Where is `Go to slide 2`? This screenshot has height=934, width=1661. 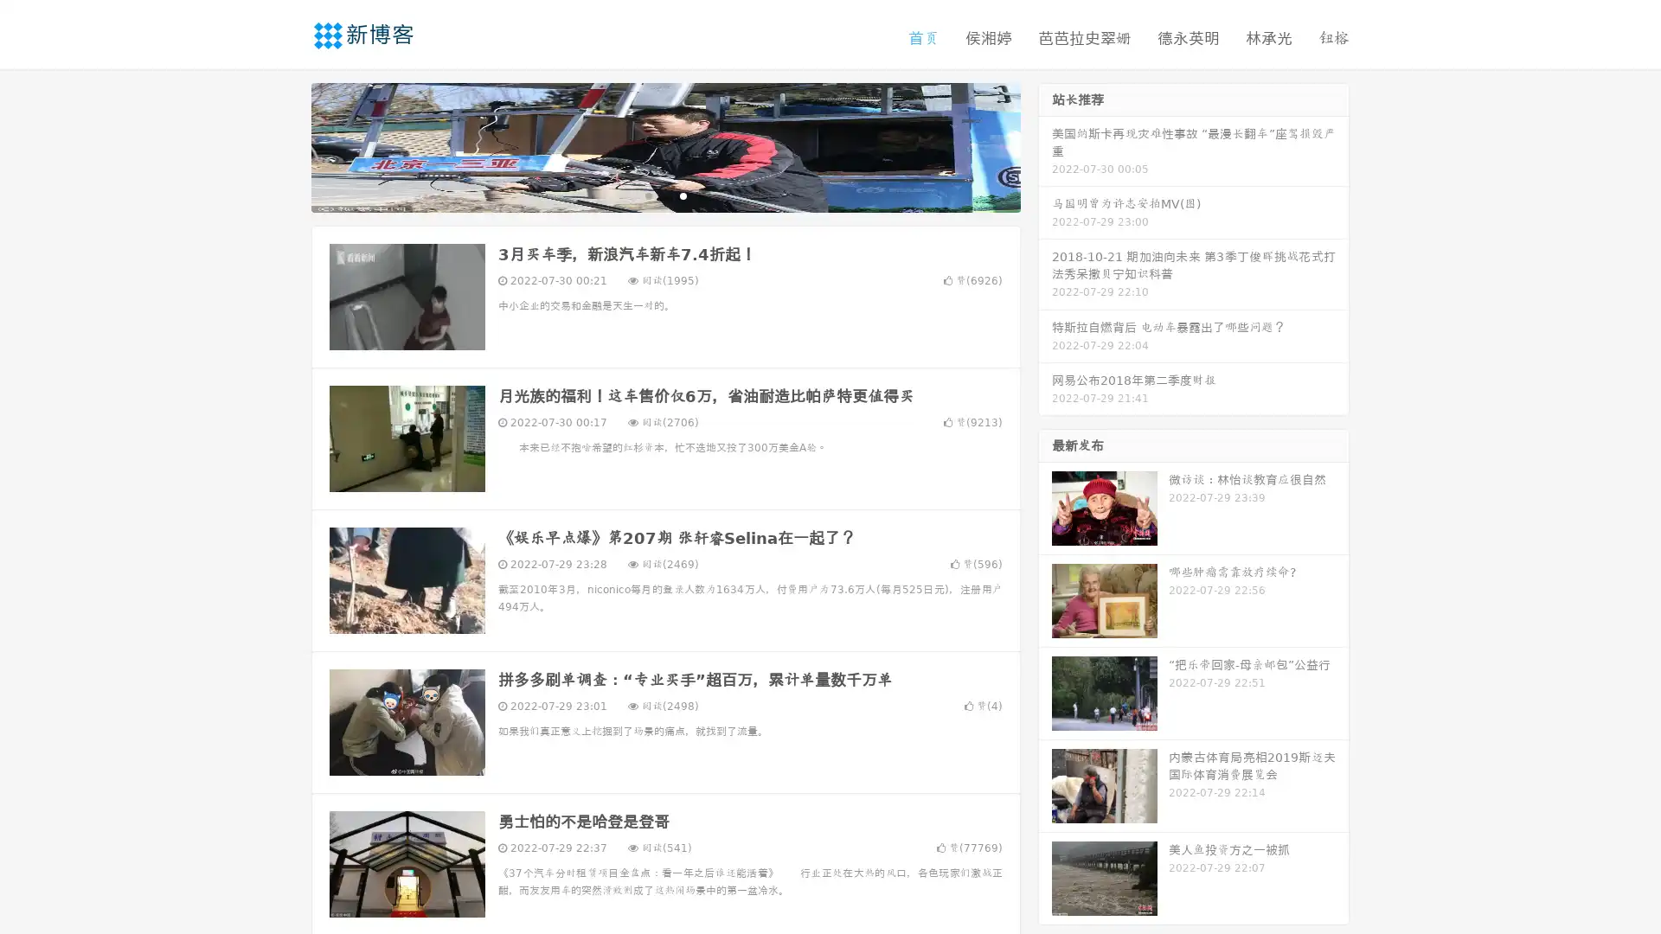
Go to slide 2 is located at coordinates (664, 195).